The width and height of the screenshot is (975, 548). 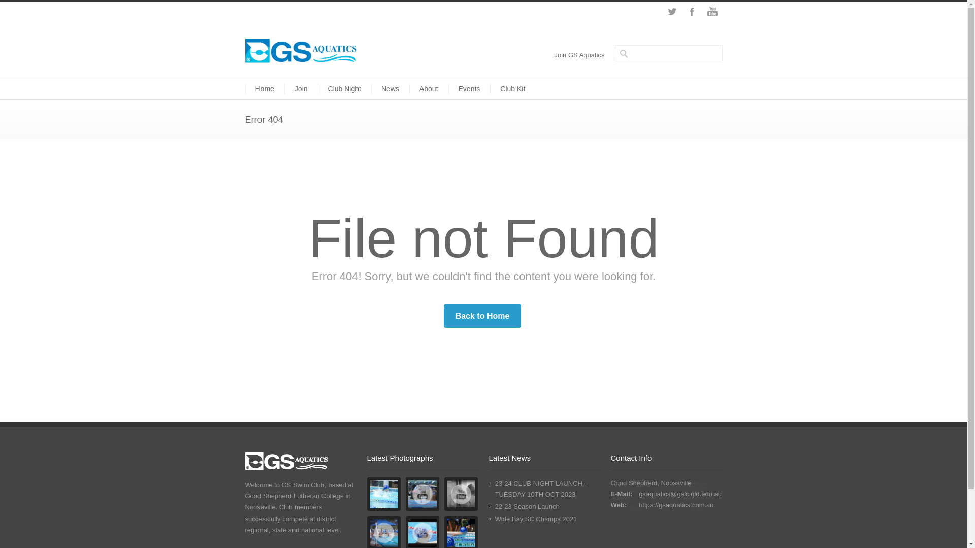 I want to click on 'Club Night', so click(x=344, y=88).